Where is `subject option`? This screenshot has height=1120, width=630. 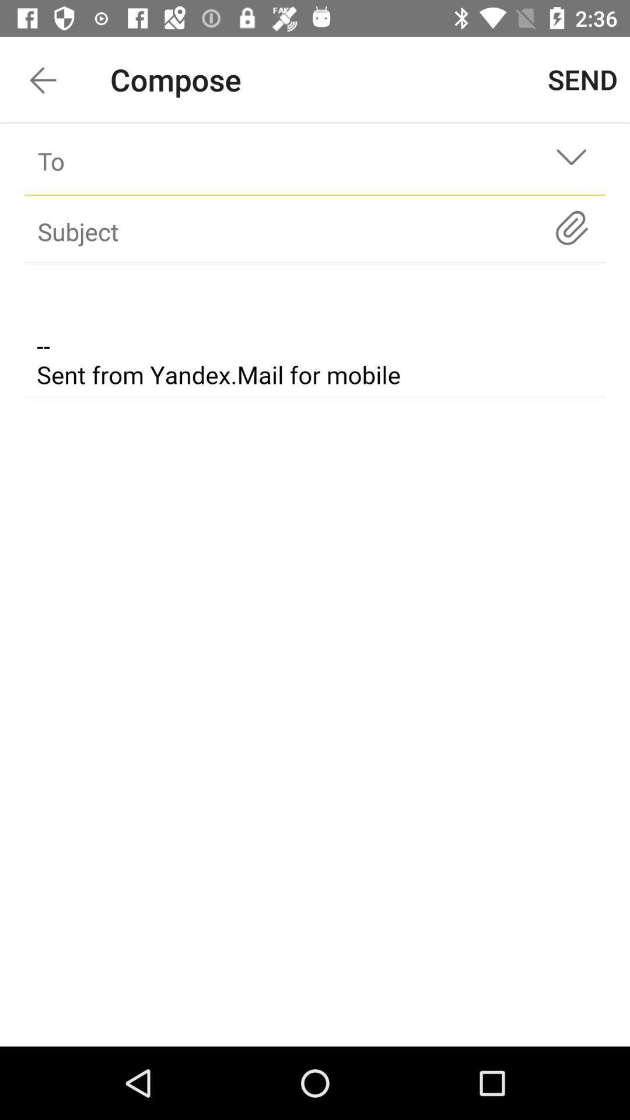 subject option is located at coordinates (293, 231).